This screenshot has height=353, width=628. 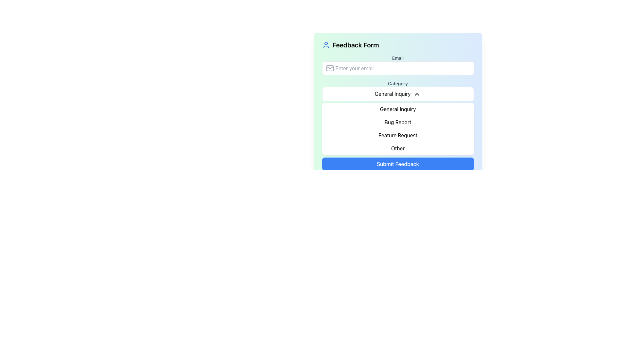 What do you see at coordinates (397, 135) in the screenshot?
I see `the 'Feature Request' option in the dropdown menu` at bounding box center [397, 135].